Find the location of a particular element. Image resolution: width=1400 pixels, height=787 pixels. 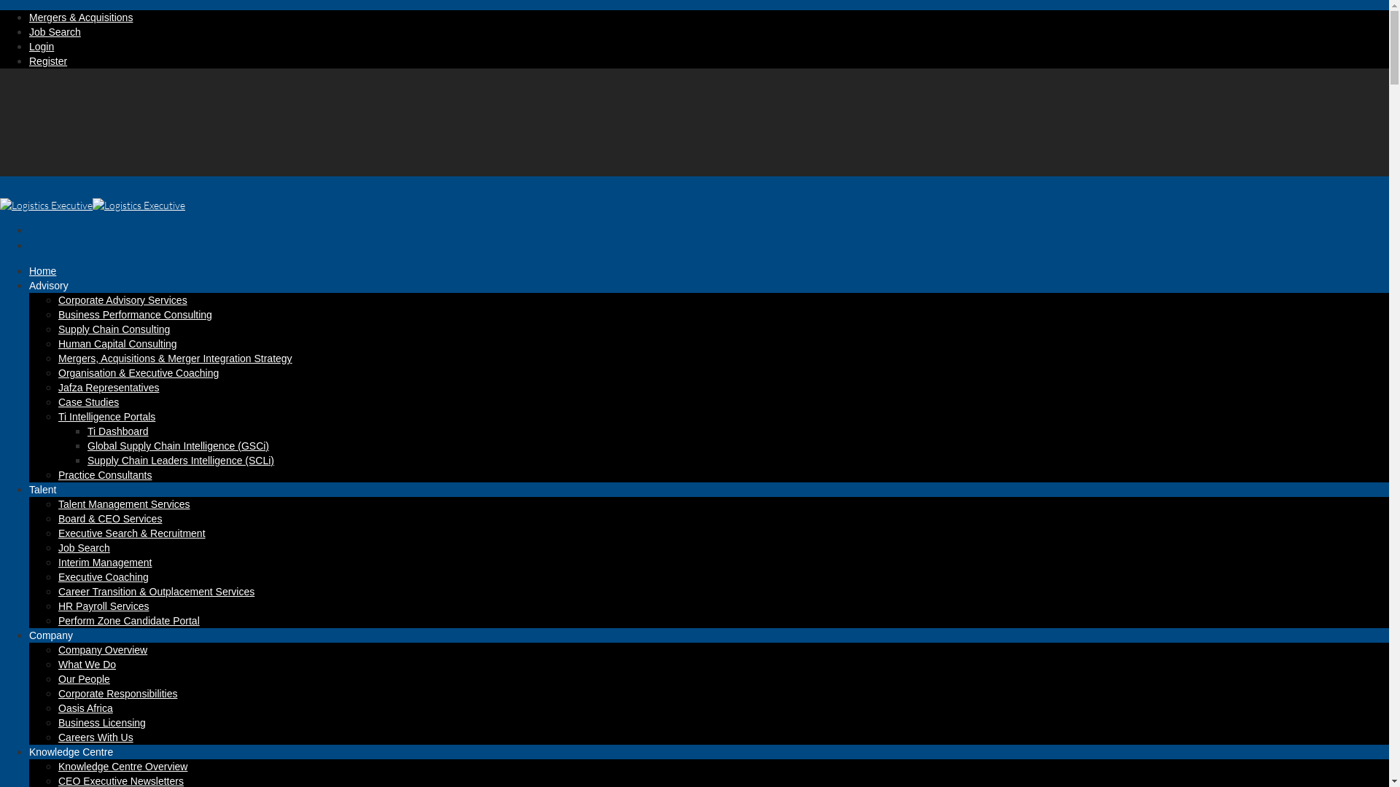

'Talent' is located at coordinates (42, 499).